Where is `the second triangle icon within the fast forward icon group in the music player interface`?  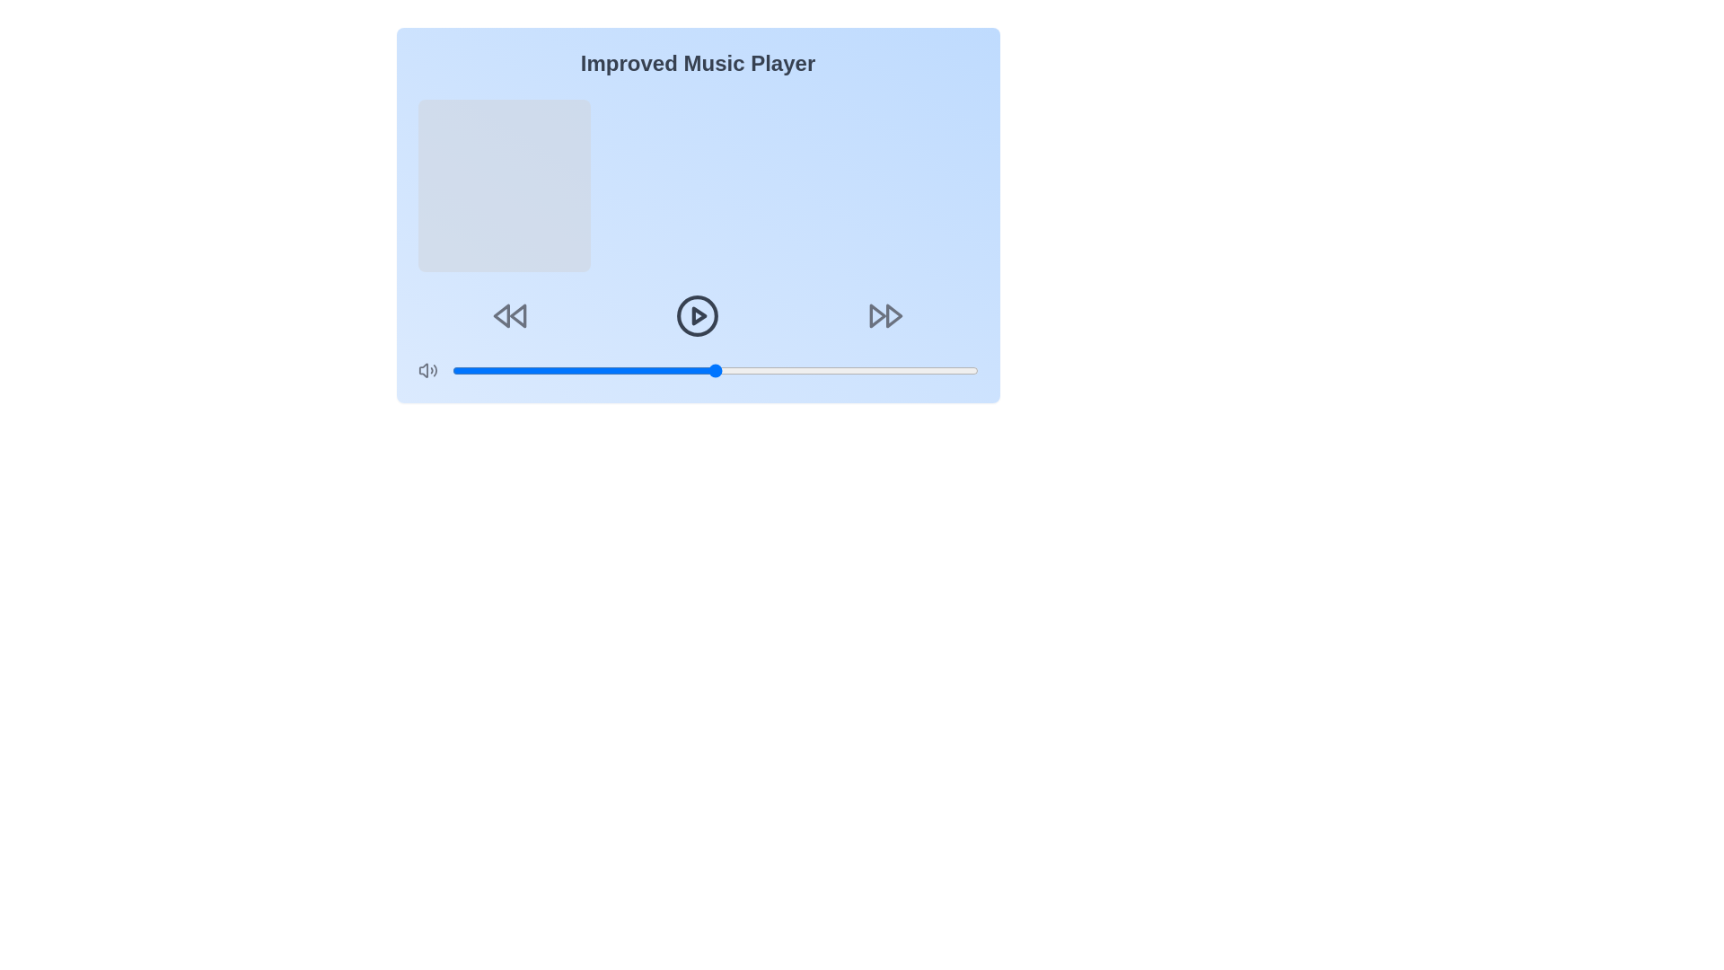 the second triangle icon within the fast forward icon group in the music player interface is located at coordinates (894, 314).